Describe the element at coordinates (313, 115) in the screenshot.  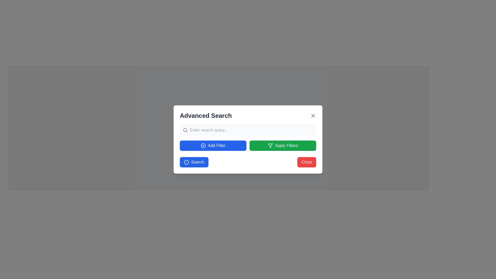
I see `the 'X' icon in the top-right corner of the 'Advanced Search' modal to emphasize it` at that location.